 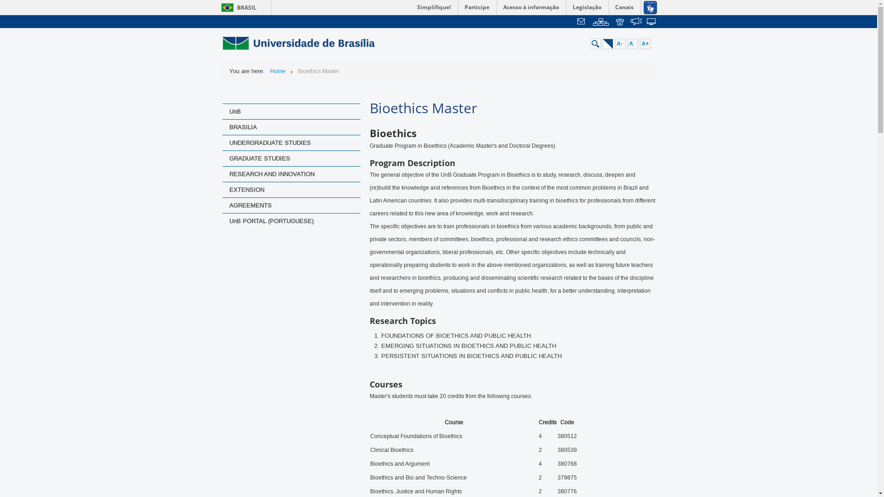 I want to click on ' ', so click(x=651, y=22).